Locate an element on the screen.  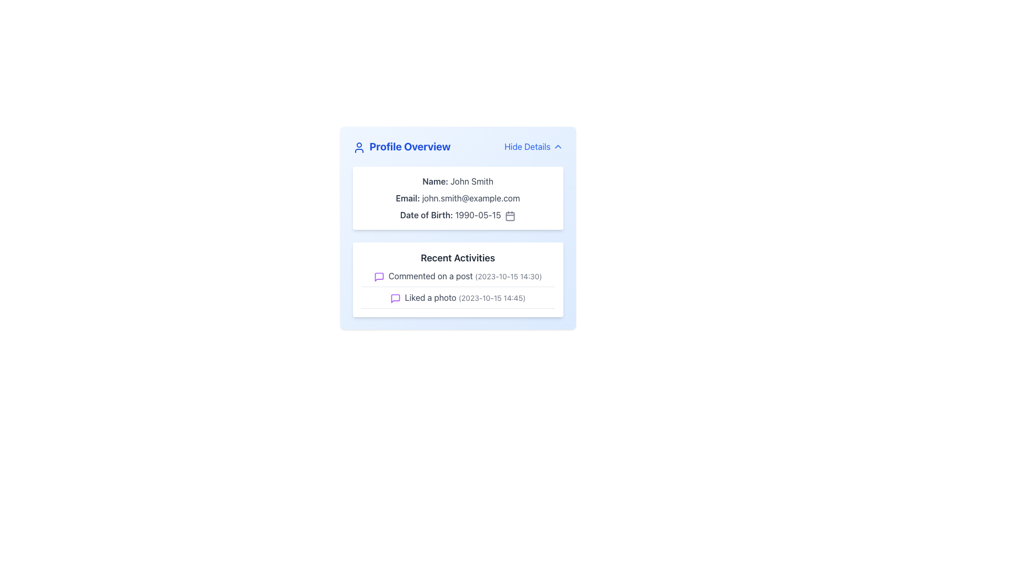
the date of birth display element with an icon, which is the third item in the list of profile information elements, positioned directly below the email information field is located at coordinates (458, 214).